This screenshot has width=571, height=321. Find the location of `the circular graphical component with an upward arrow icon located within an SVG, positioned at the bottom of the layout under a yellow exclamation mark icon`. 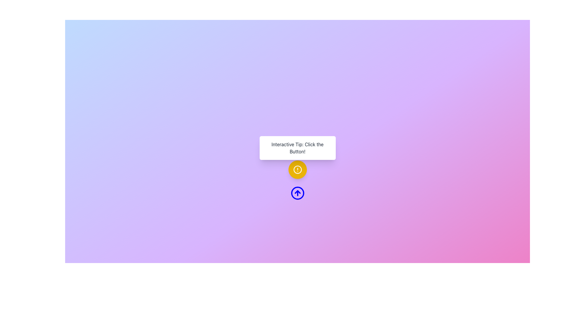

the circular graphical component with an upward arrow icon located within an SVG, positioned at the bottom of the layout under a yellow exclamation mark icon is located at coordinates (297, 193).